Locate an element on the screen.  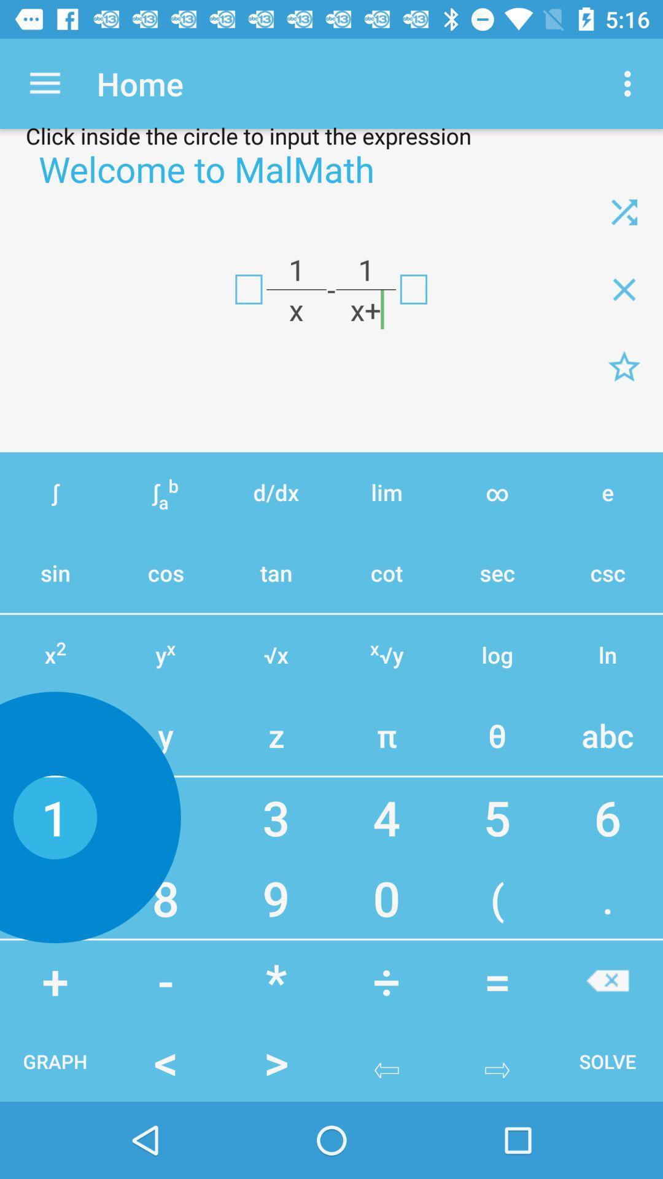
increment button is located at coordinates (608, 980).